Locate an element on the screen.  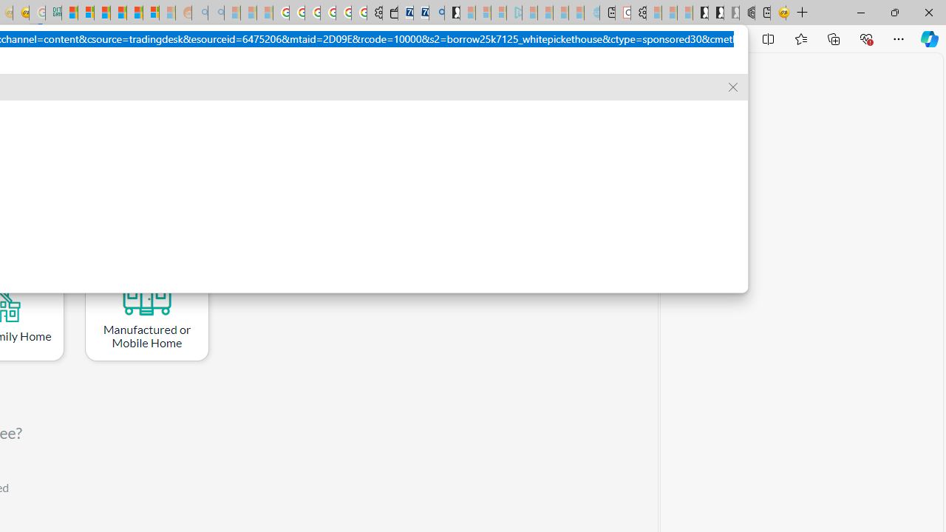
'Remove suggestion' is located at coordinates (733, 87).